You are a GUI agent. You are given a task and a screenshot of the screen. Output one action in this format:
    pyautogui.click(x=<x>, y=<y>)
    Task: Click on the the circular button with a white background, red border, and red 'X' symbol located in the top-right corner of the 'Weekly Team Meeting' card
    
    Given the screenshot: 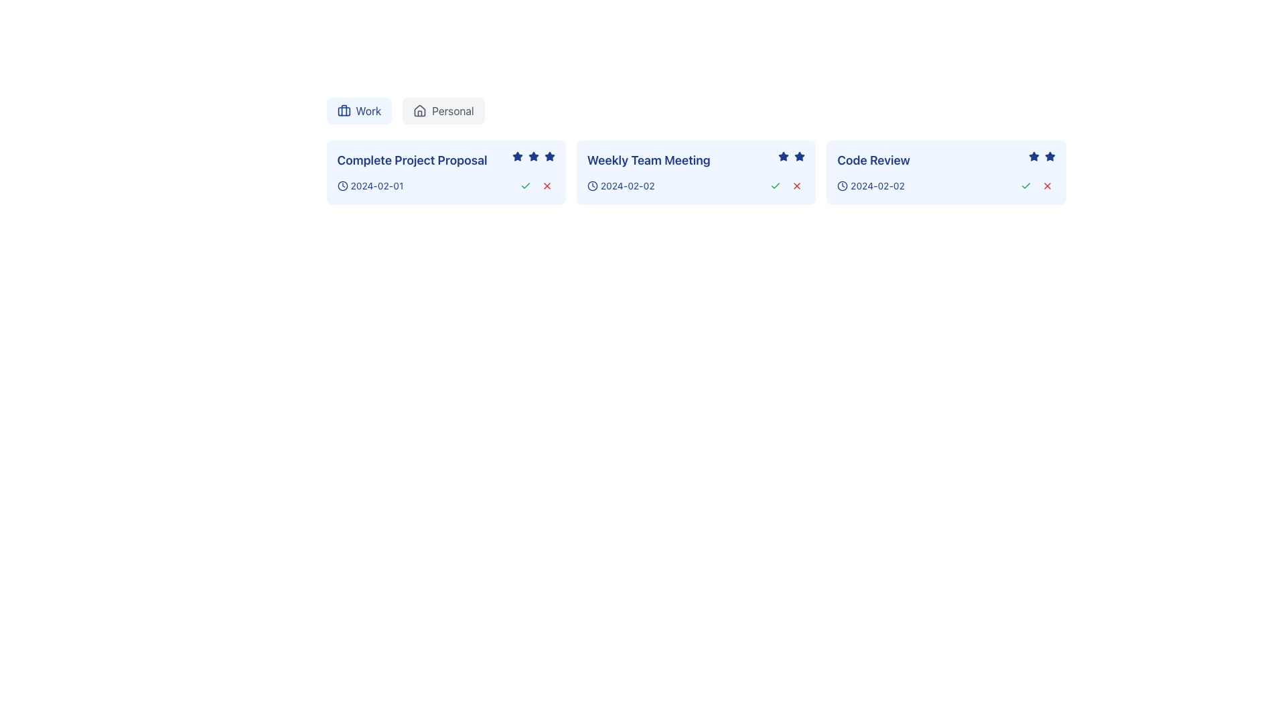 What is the action you would take?
    pyautogui.click(x=797, y=185)
    